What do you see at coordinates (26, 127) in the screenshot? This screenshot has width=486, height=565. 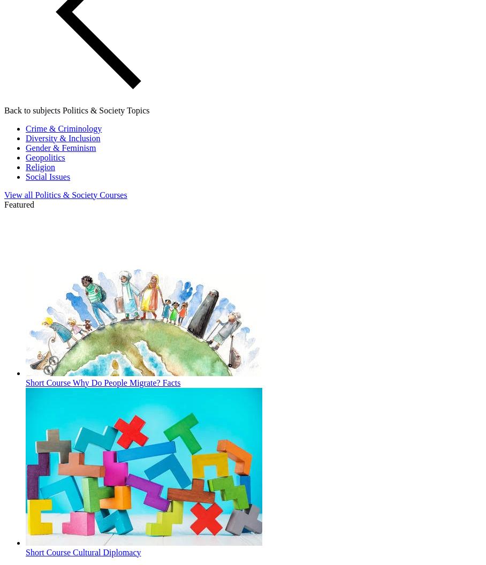 I see `'Crime & Criminology'` at bounding box center [26, 127].